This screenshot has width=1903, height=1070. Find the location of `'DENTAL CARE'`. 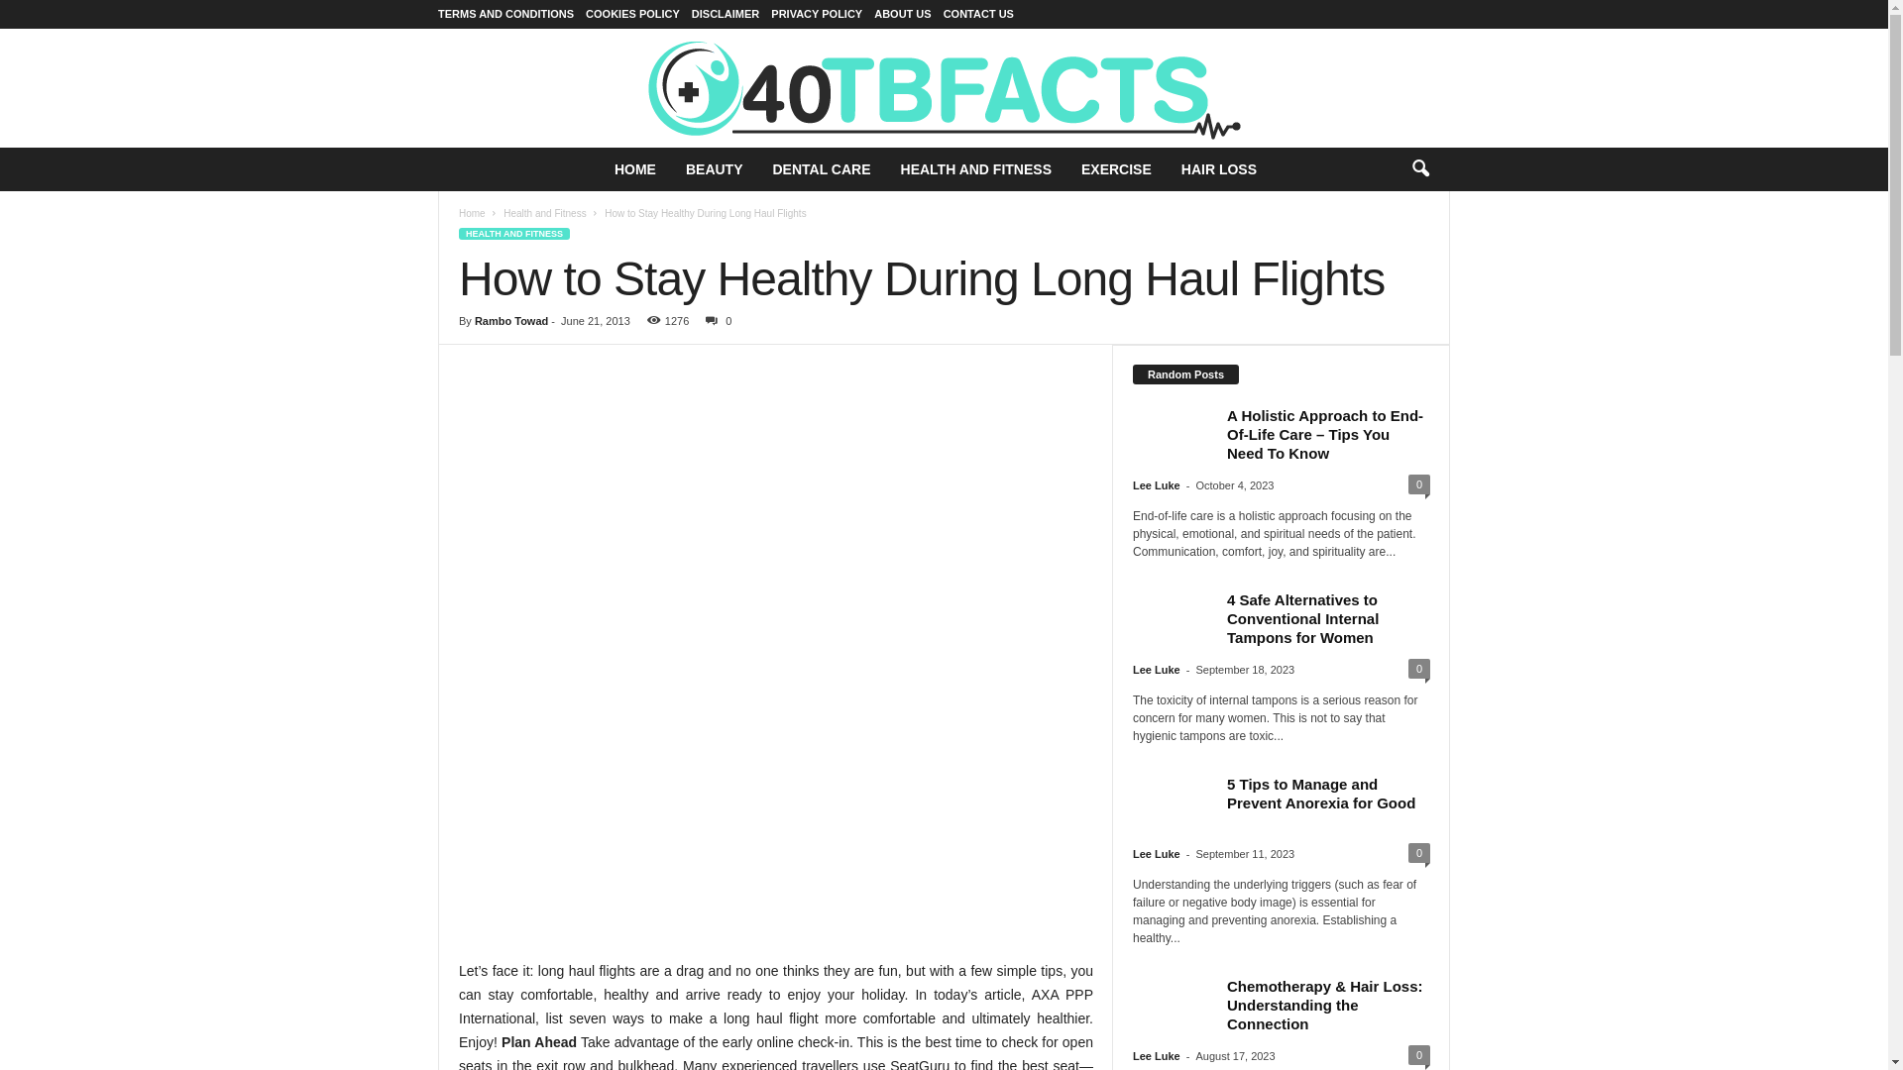

'DENTAL CARE' is located at coordinates (821, 167).